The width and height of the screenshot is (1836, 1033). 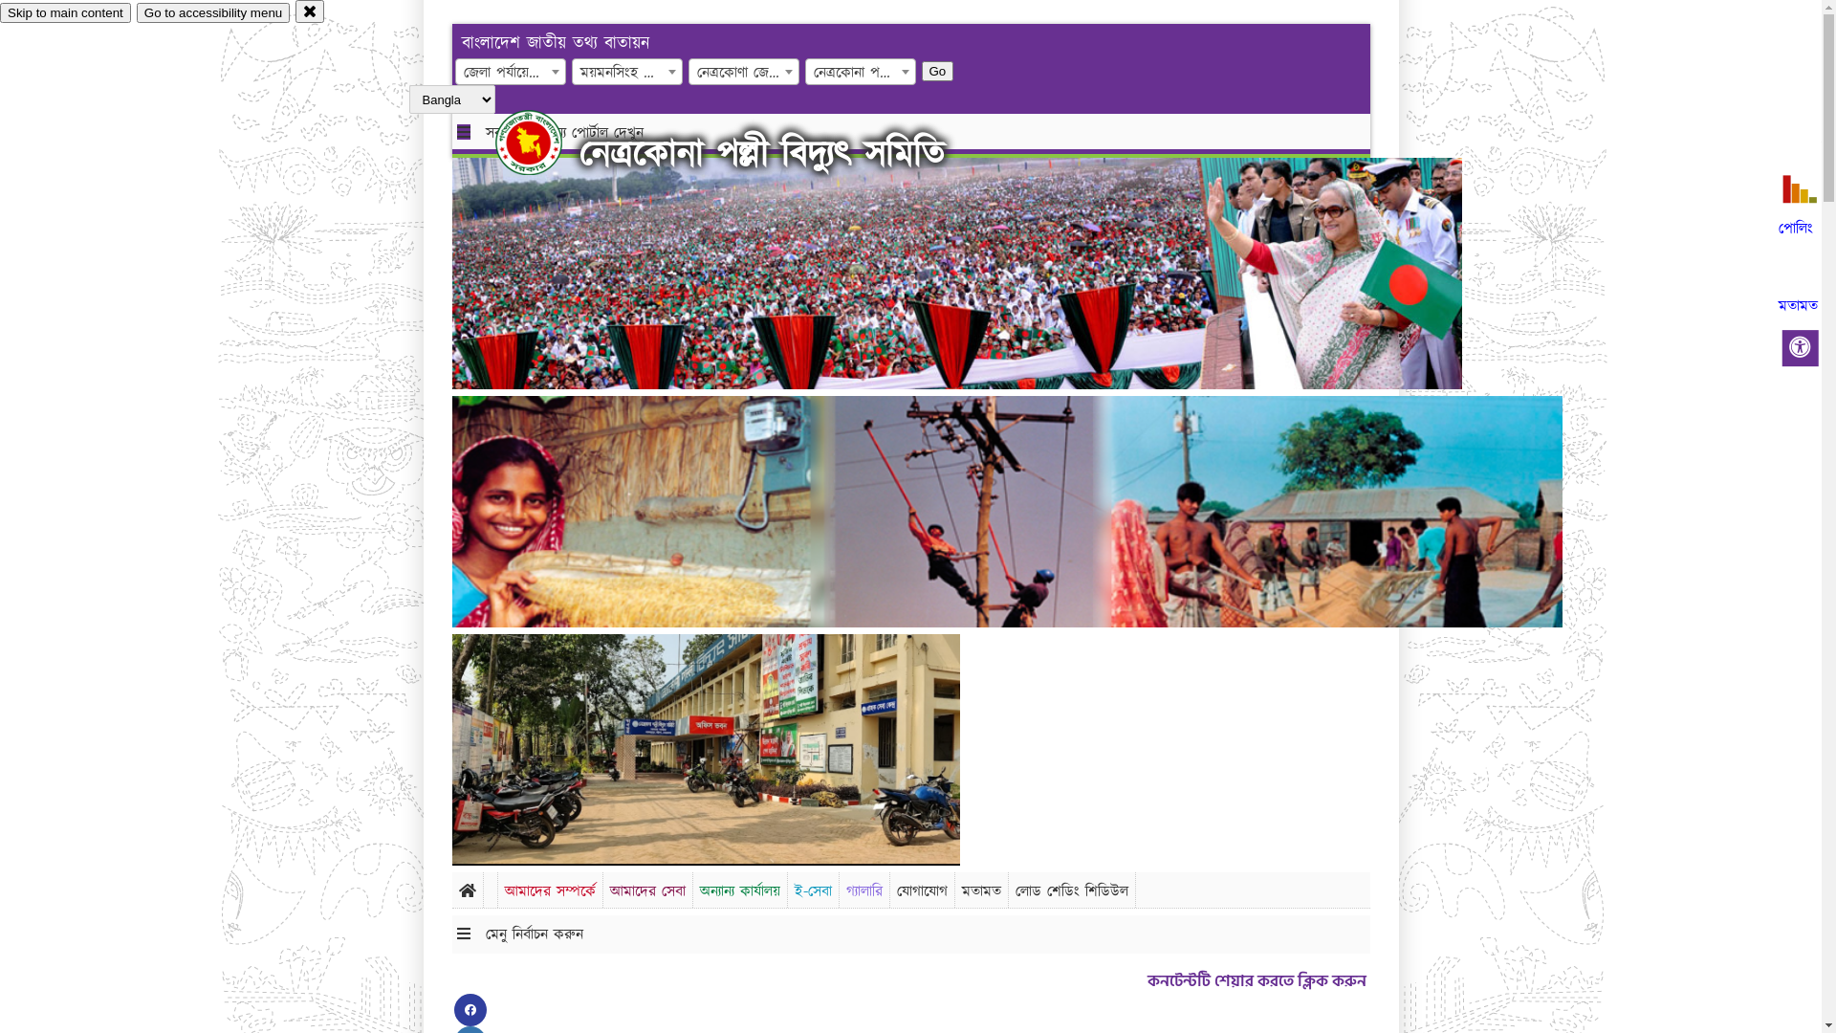 I want to click on 'Go to accessibility menu', so click(x=212, y=12).